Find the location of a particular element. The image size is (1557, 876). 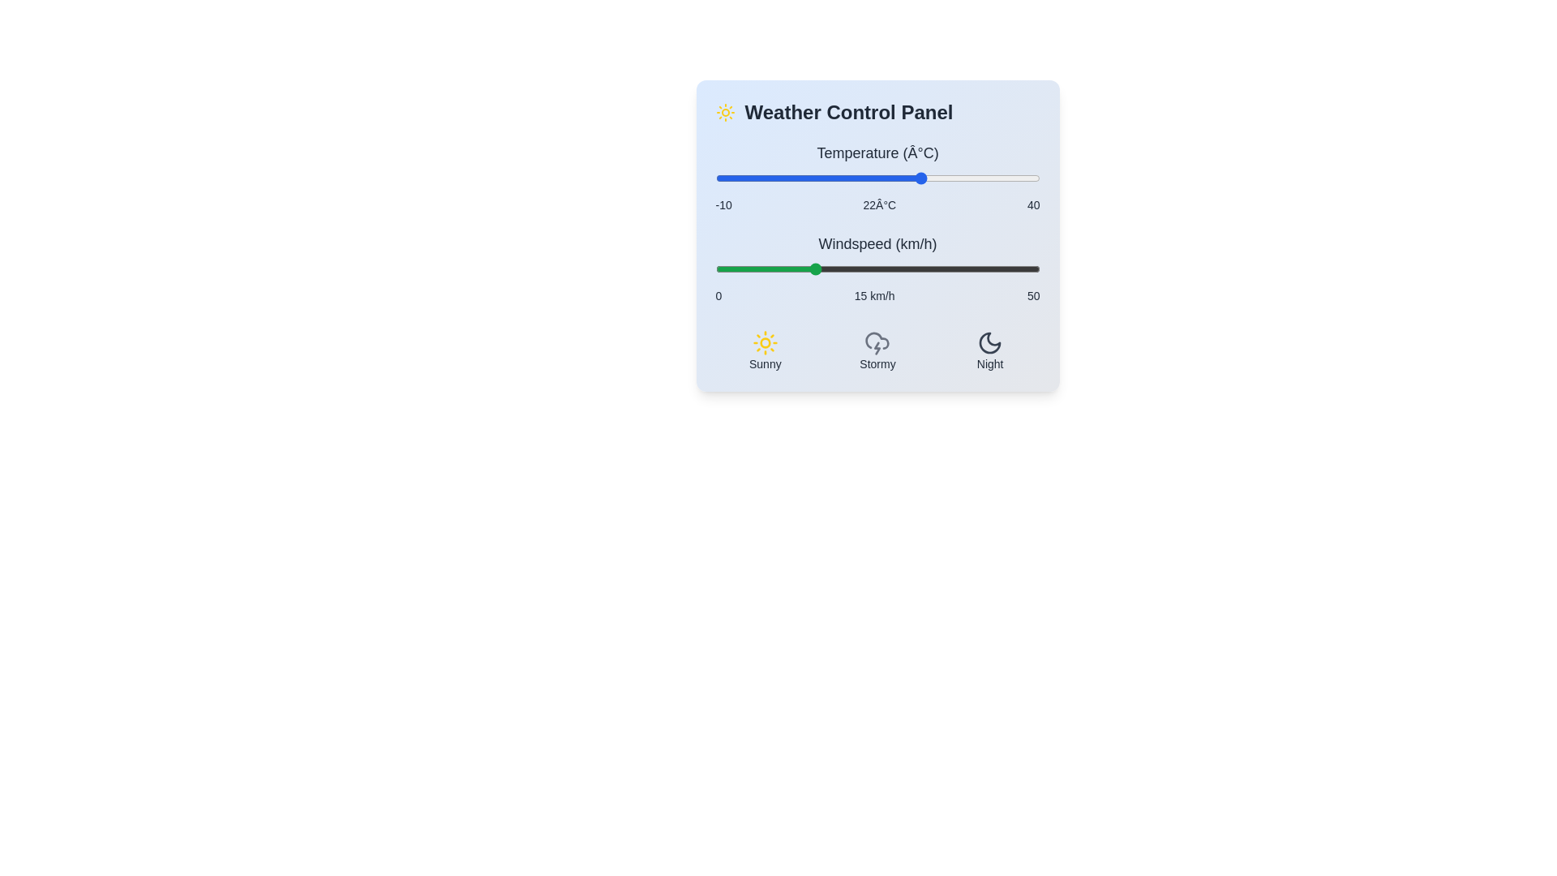

the Temperature slider is located at coordinates (813, 178).